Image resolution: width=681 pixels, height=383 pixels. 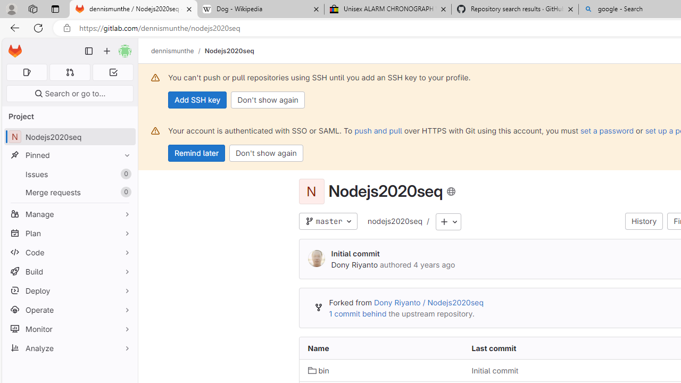 What do you see at coordinates (315, 259) in the screenshot?
I see `'Dony Riyanto'` at bounding box center [315, 259].